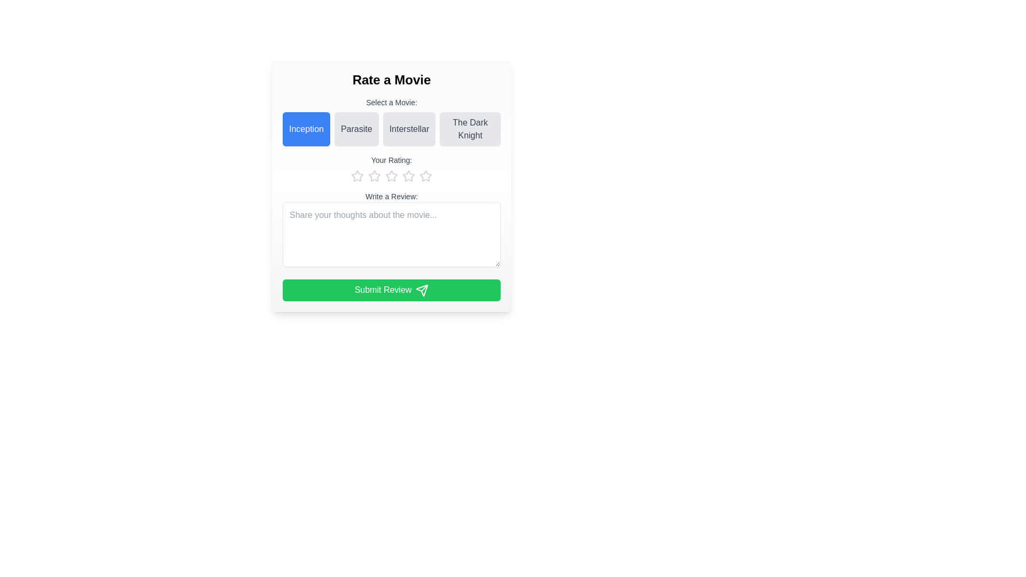  Describe the element at coordinates (409, 129) in the screenshot. I see `the 'Interstellar' button, which has a light gray background and is the third button in a row of four` at that location.